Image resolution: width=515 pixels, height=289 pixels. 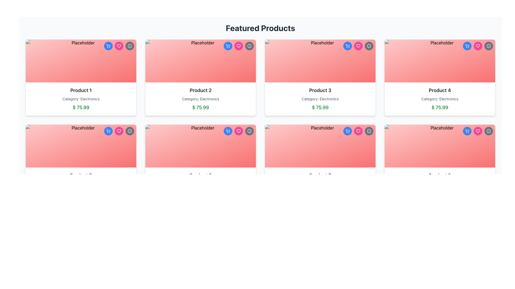 I want to click on text label displaying 'Category: Electronics' located within the product card for 'Product 4', positioned below the product title and above the price, so click(x=440, y=99).